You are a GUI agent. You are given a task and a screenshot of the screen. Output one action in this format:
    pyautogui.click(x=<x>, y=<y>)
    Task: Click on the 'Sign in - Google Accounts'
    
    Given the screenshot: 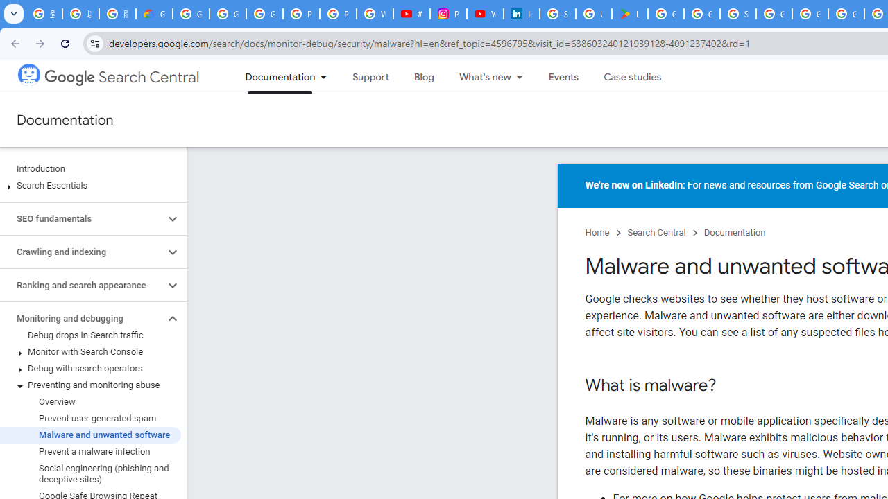 What is the action you would take?
    pyautogui.click(x=737, y=14)
    